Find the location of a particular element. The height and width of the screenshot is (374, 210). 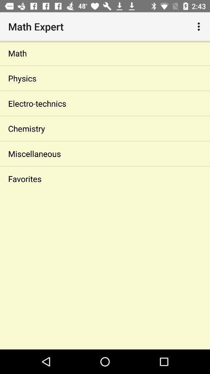

the item next to math expert app is located at coordinates (199, 26).